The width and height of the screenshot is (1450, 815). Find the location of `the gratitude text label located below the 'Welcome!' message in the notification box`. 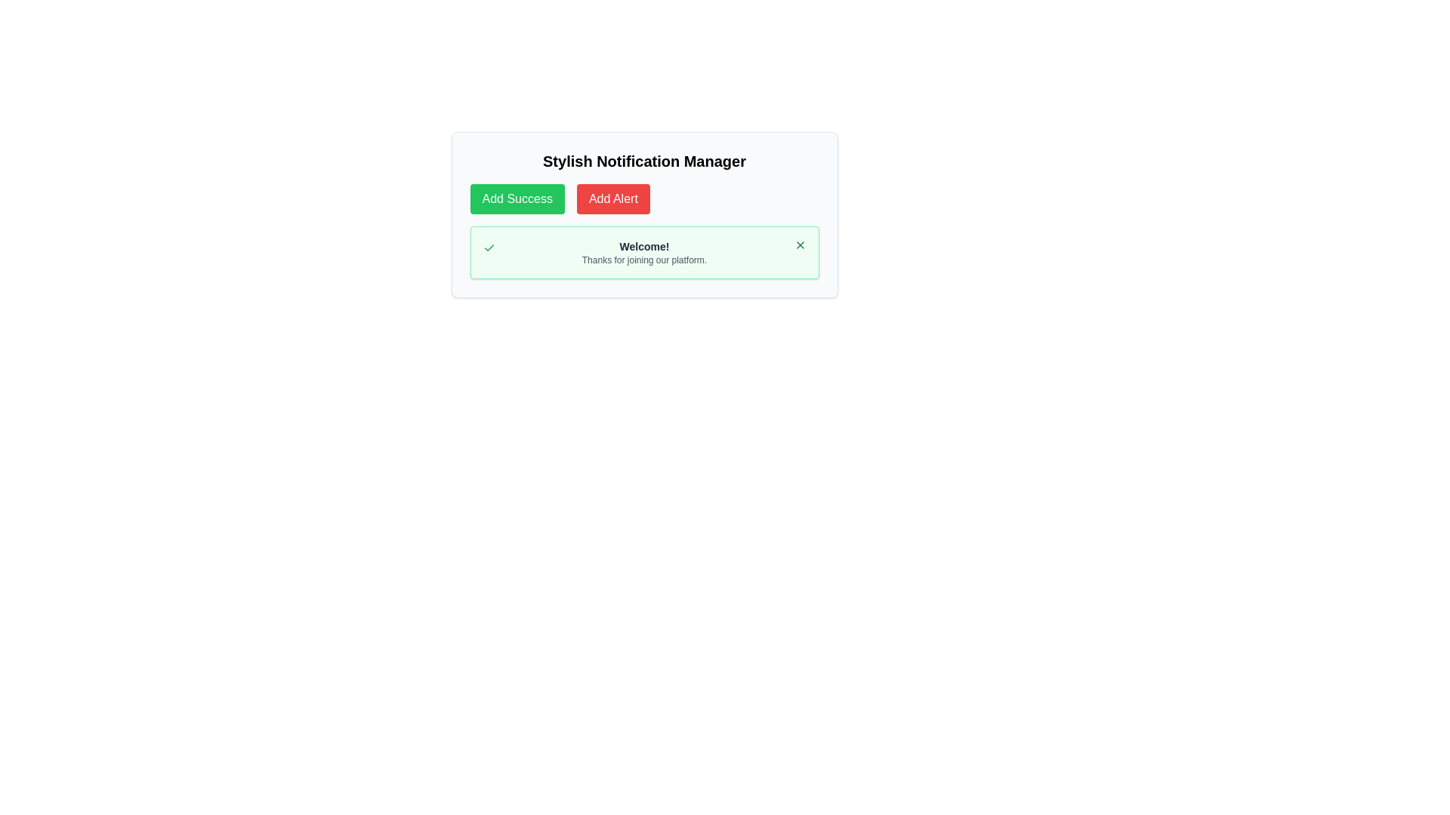

the gratitude text label located below the 'Welcome!' message in the notification box is located at coordinates (644, 259).